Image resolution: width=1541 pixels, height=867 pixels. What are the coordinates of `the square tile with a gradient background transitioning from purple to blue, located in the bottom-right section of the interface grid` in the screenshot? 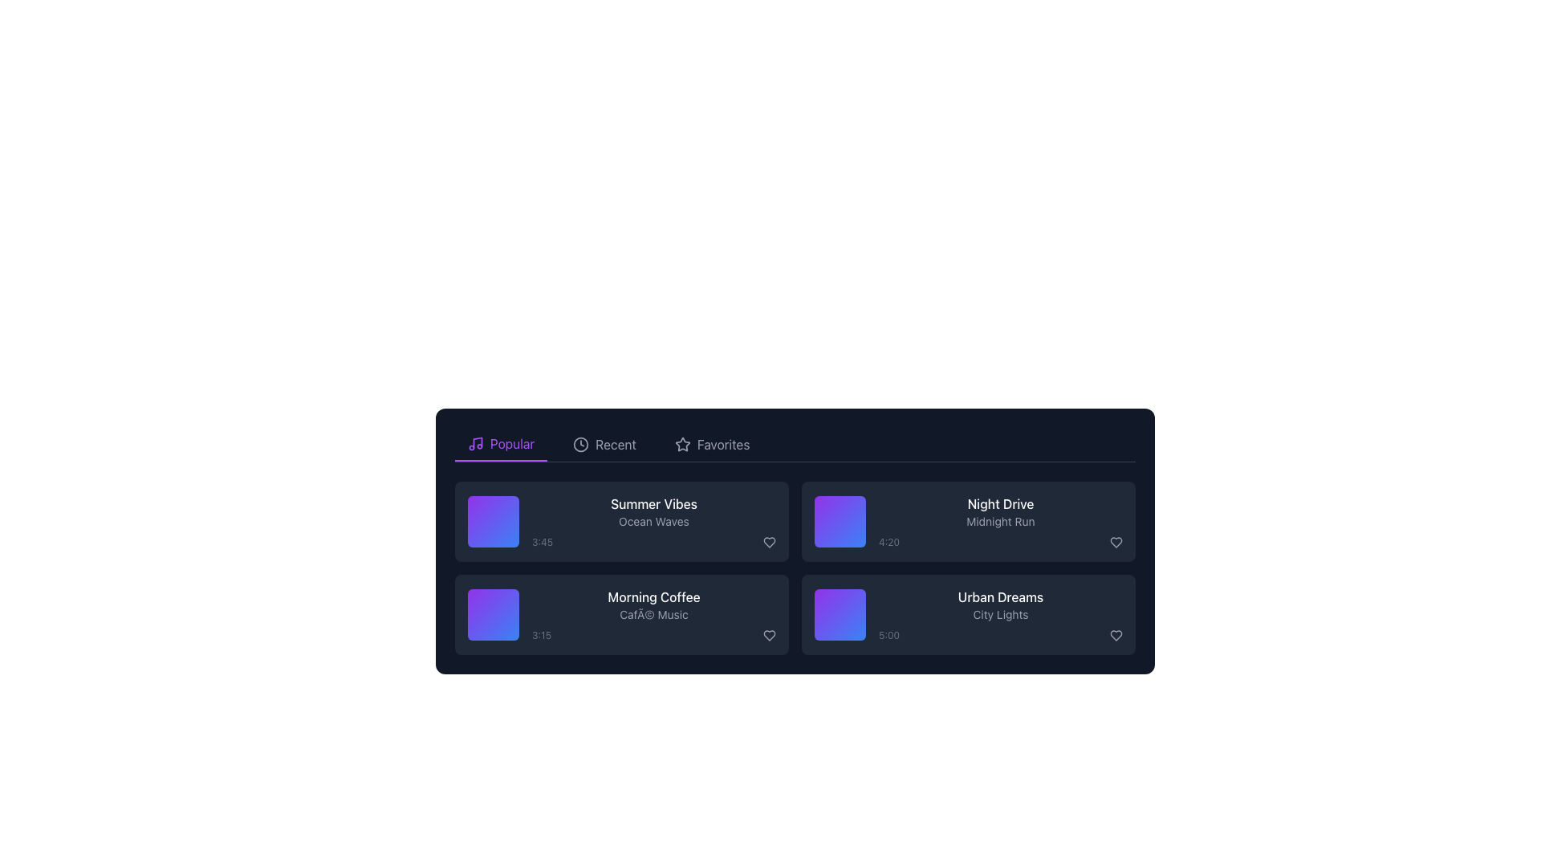 It's located at (839, 614).